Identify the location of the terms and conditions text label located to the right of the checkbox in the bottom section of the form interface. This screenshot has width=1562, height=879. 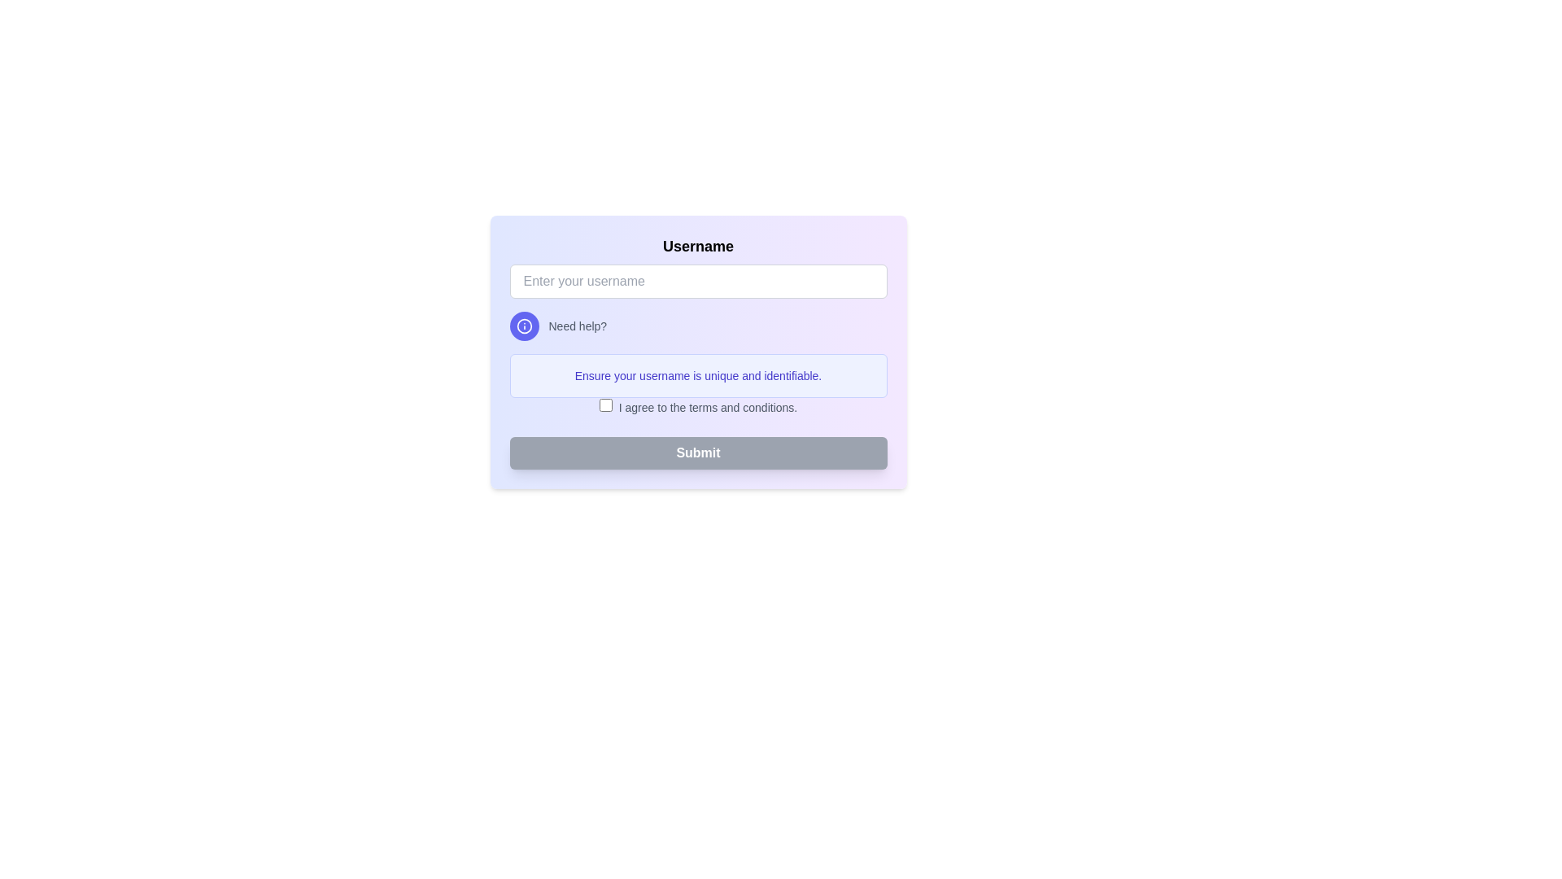
(708, 407).